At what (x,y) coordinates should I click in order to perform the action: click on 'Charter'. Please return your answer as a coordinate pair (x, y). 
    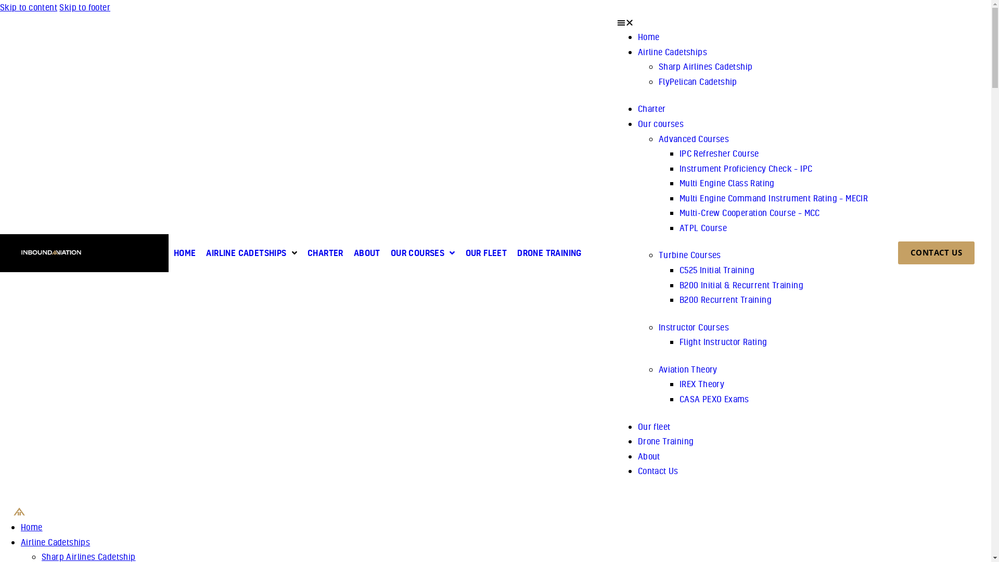
    Looking at the image, I should click on (651, 108).